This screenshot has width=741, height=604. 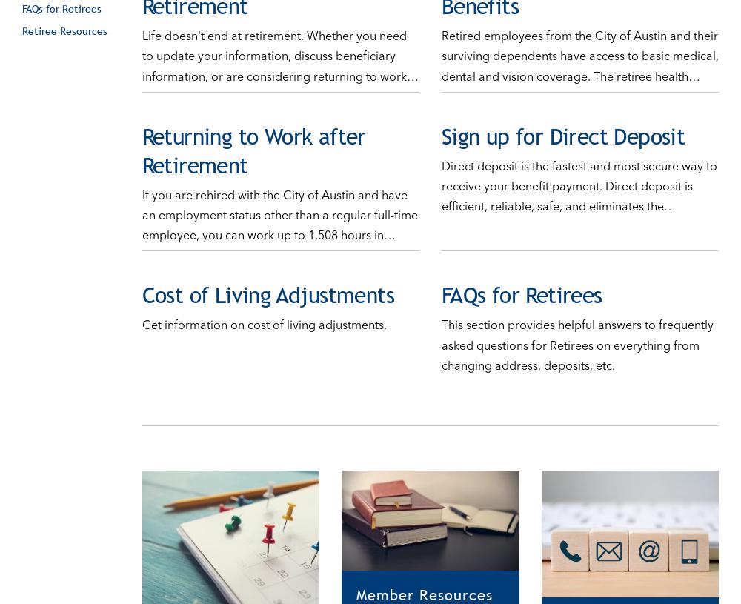 I want to click on 'Retired employees from the City of Austin and their surviving dependents have access to basic medical, dental and vision coverage. The retiree health…', so click(x=440, y=40).